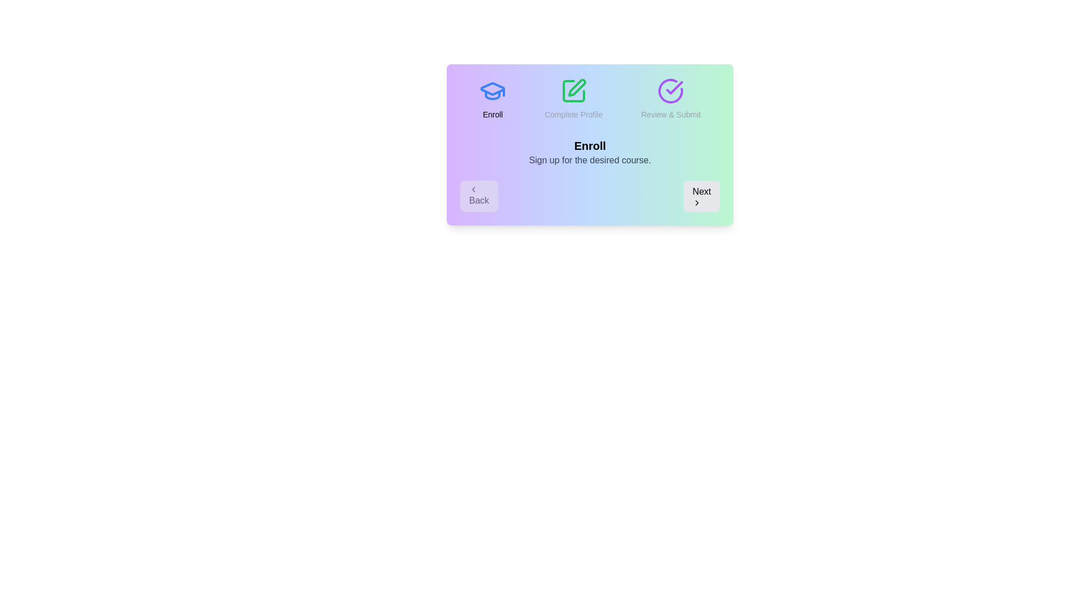  What do you see at coordinates (492, 98) in the screenshot?
I see `the progress indicator for step Enroll to view its status` at bounding box center [492, 98].